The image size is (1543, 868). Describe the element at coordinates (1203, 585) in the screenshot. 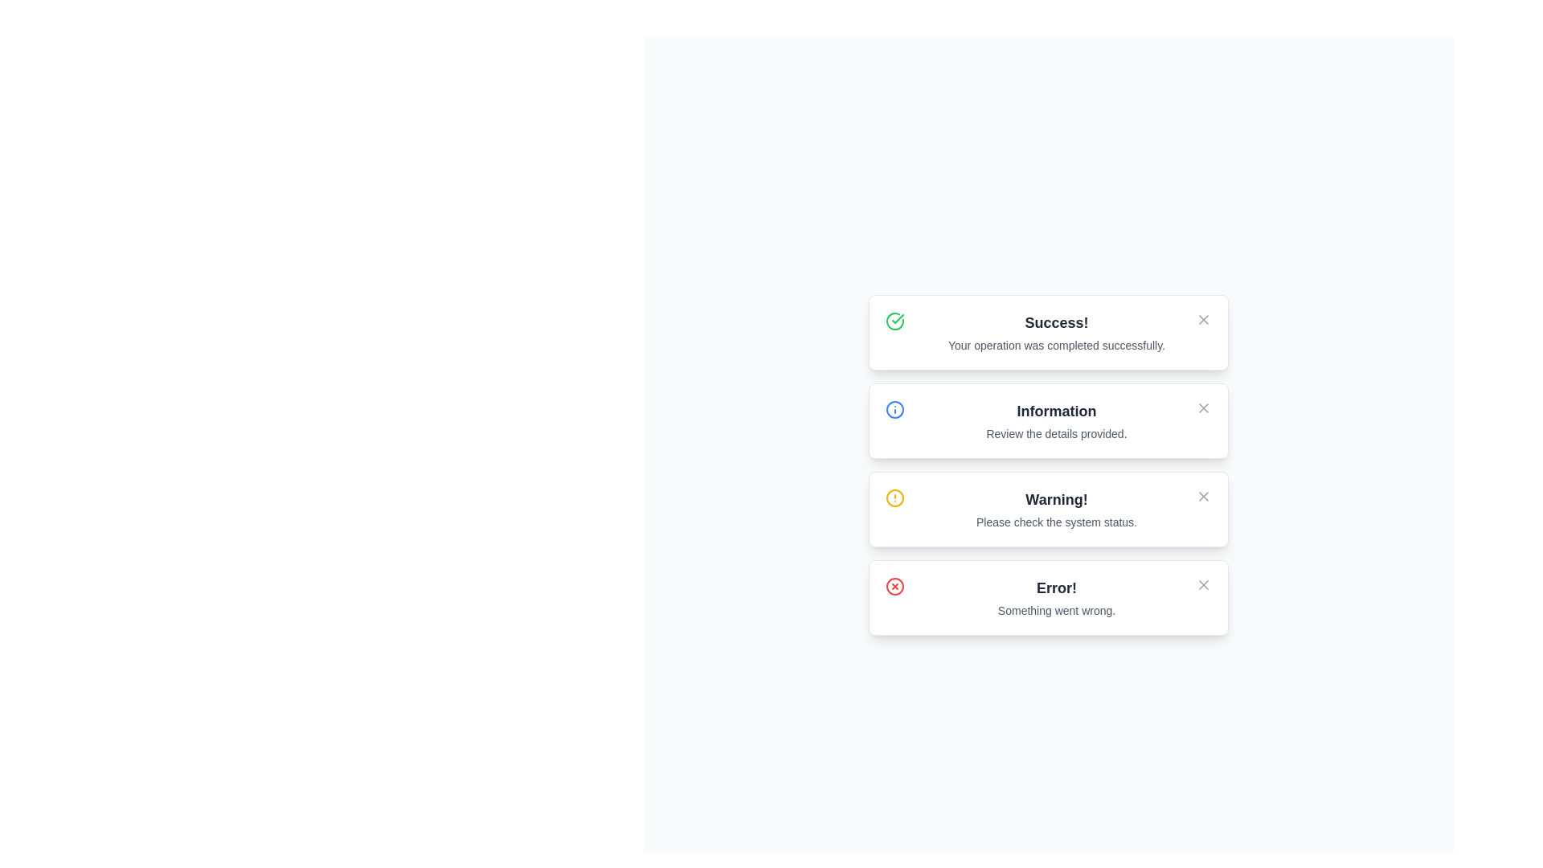

I see `the close icon in the top-right corner of the 'Error!' notification card` at that location.